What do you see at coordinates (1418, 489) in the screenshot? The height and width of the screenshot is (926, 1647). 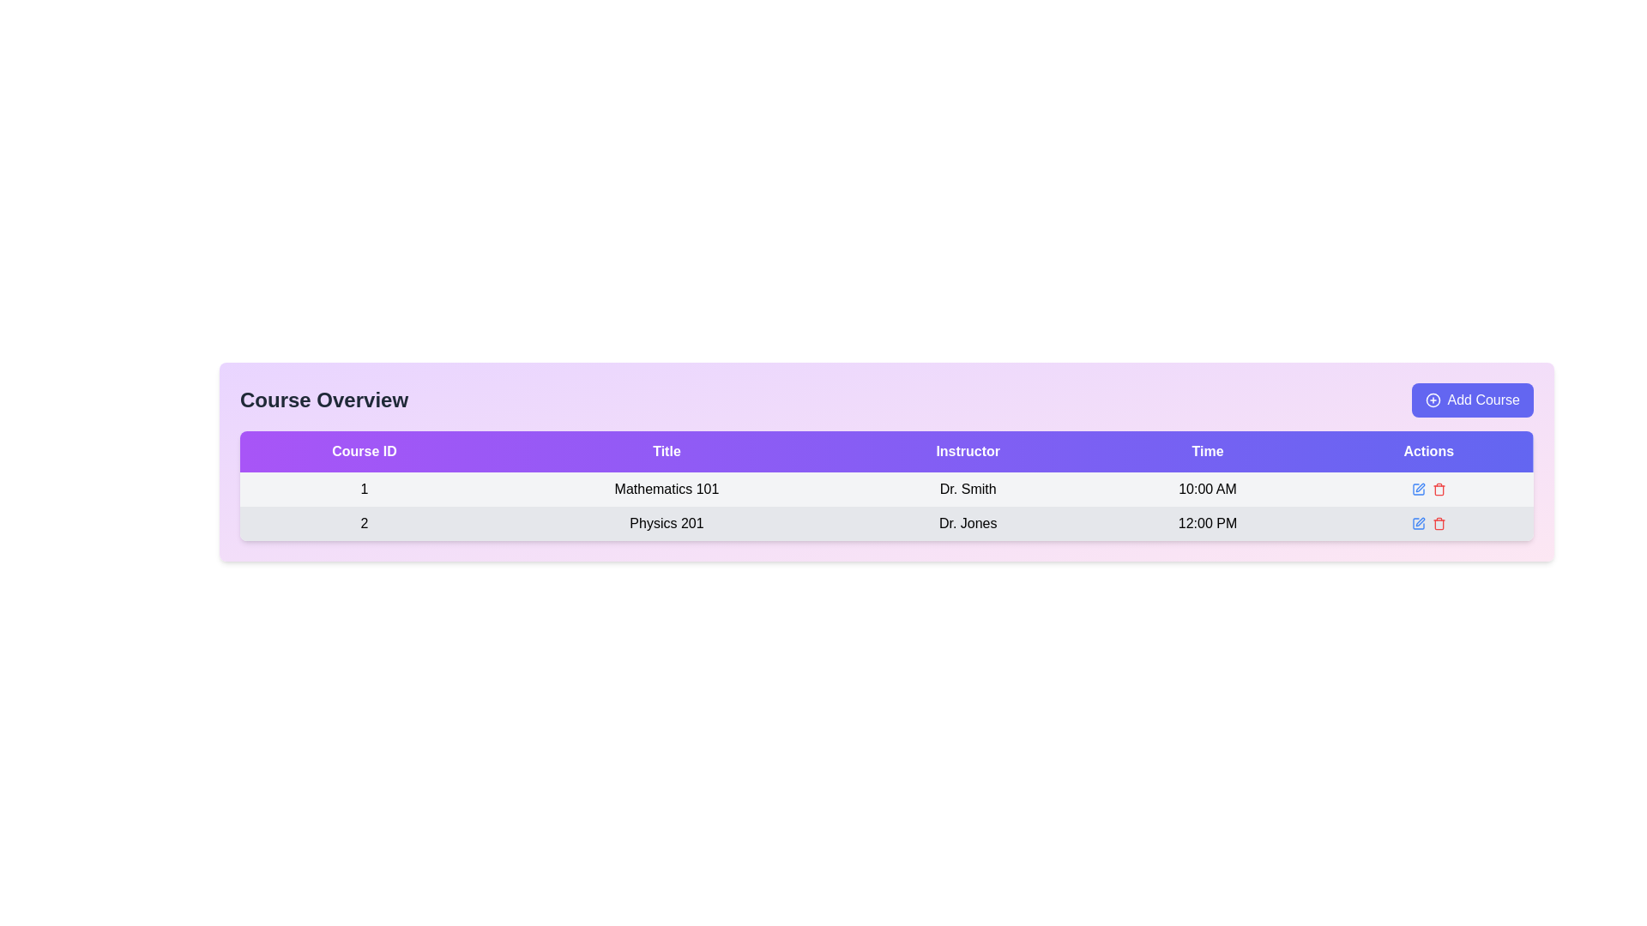 I see `the pen icon button in the 'Actions' column of the first row in the course table` at bounding box center [1418, 489].